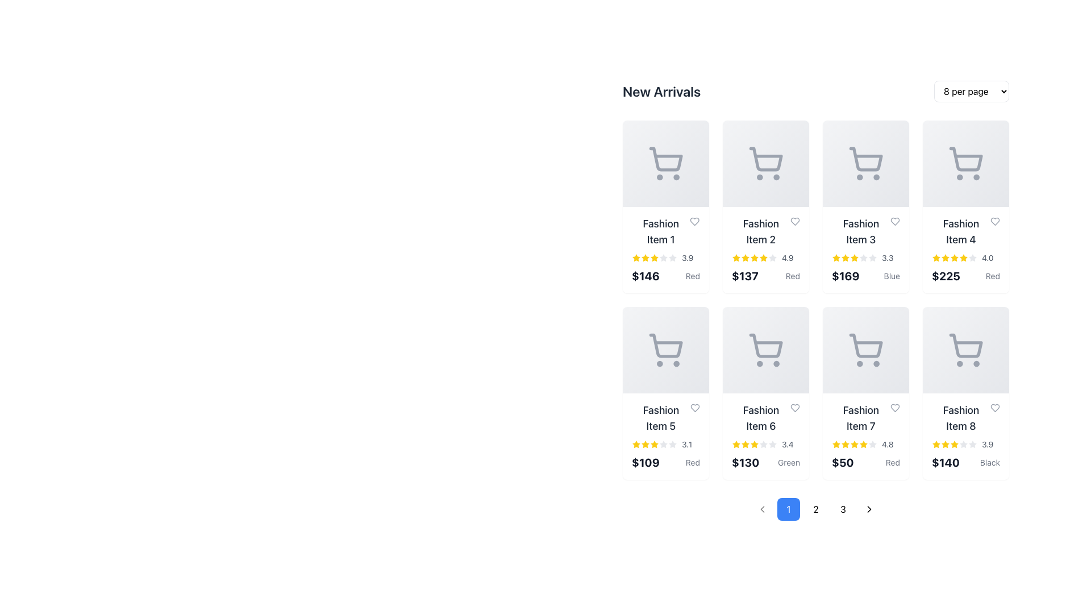 The image size is (1091, 614). I want to click on the displayed price of the product 'Fashion Item 4' which is shown as '$225' at the bottom right corner of the product card, so click(946, 276).